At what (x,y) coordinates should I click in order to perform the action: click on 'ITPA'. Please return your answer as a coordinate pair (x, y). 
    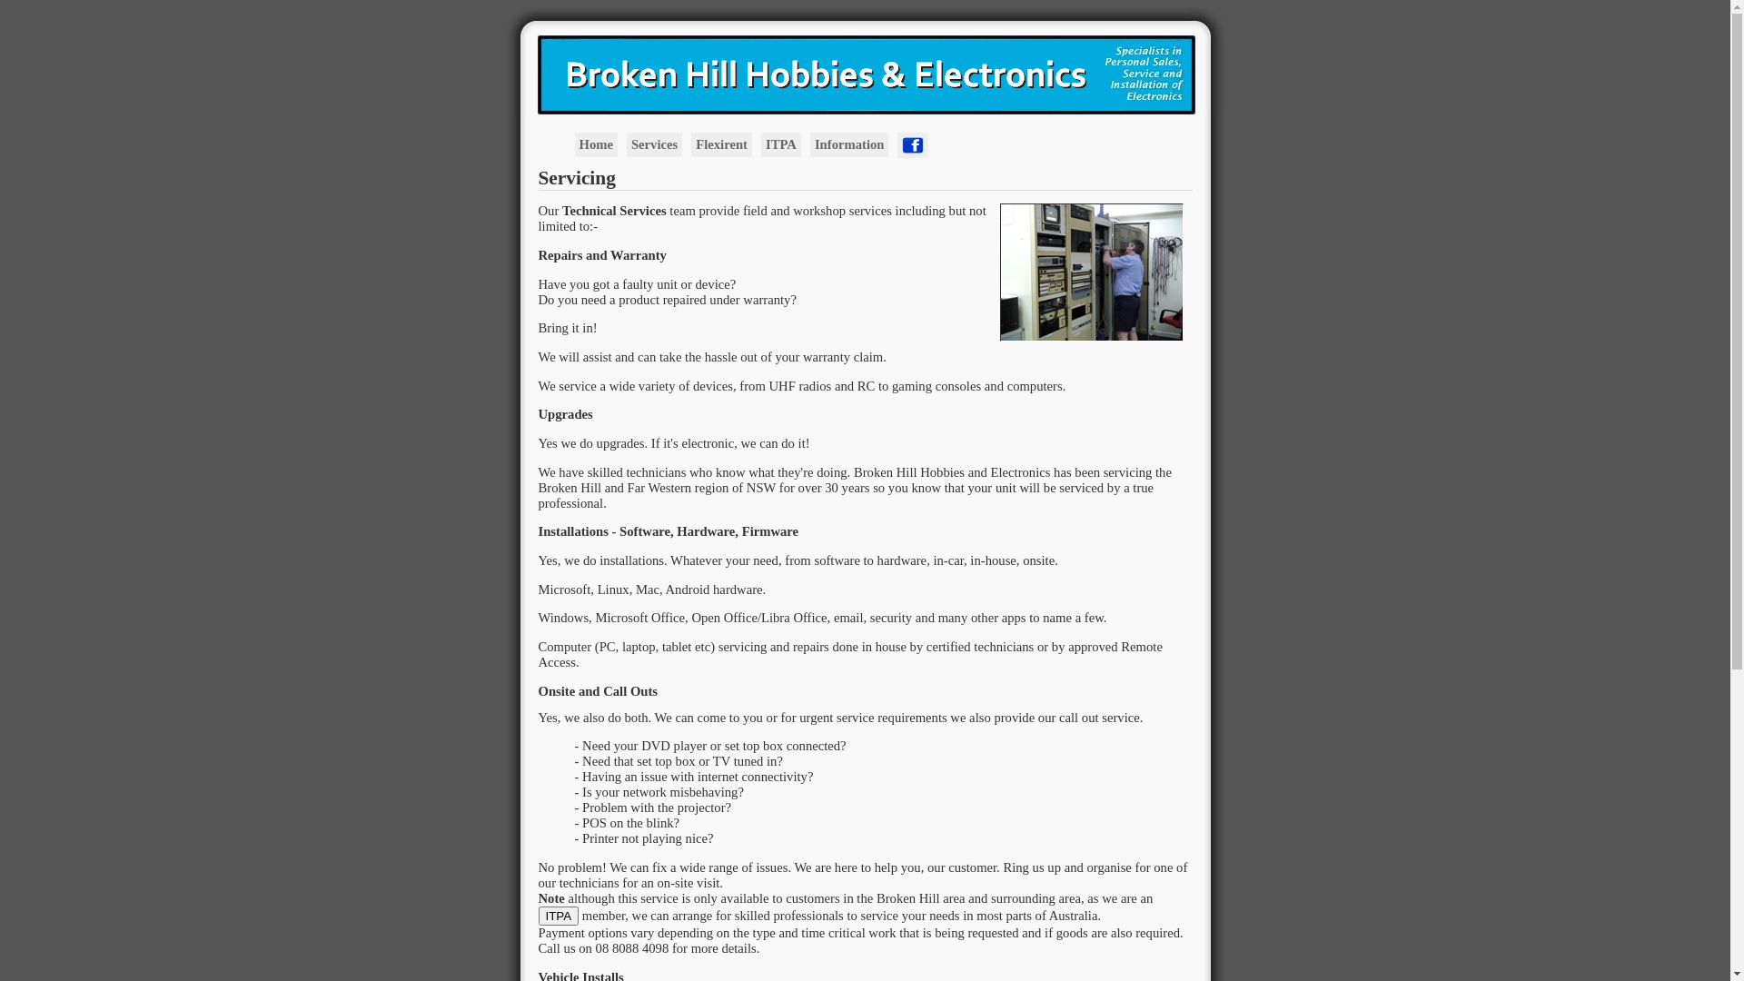
    Looking at the image, I should click on (780, 144).